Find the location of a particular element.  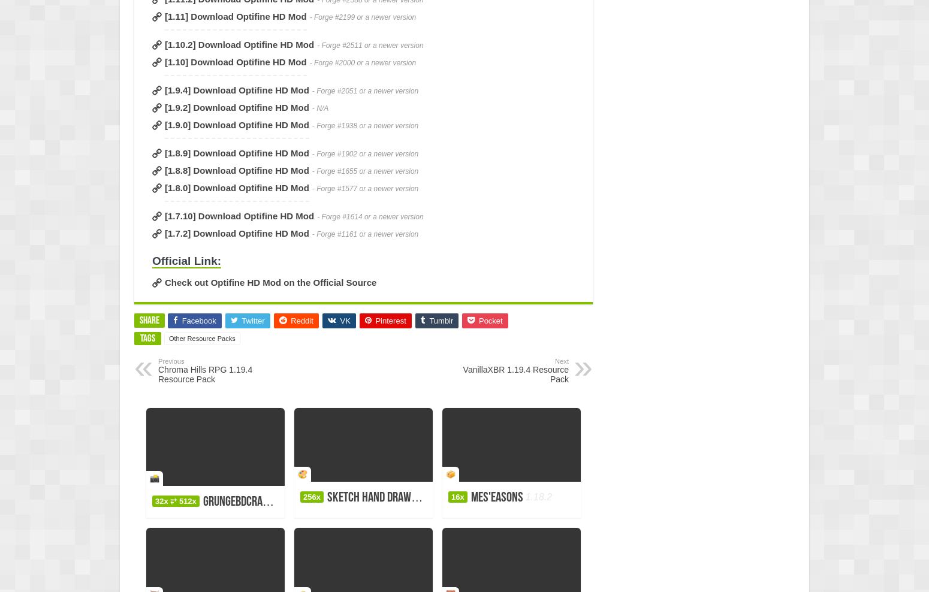

'Official Link:' is located at coordinates (186, 261).